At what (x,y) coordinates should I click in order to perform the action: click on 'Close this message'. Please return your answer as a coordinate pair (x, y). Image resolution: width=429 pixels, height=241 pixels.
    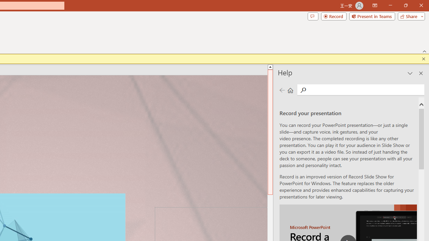
    Looking at the image, I should click on (423, 59).